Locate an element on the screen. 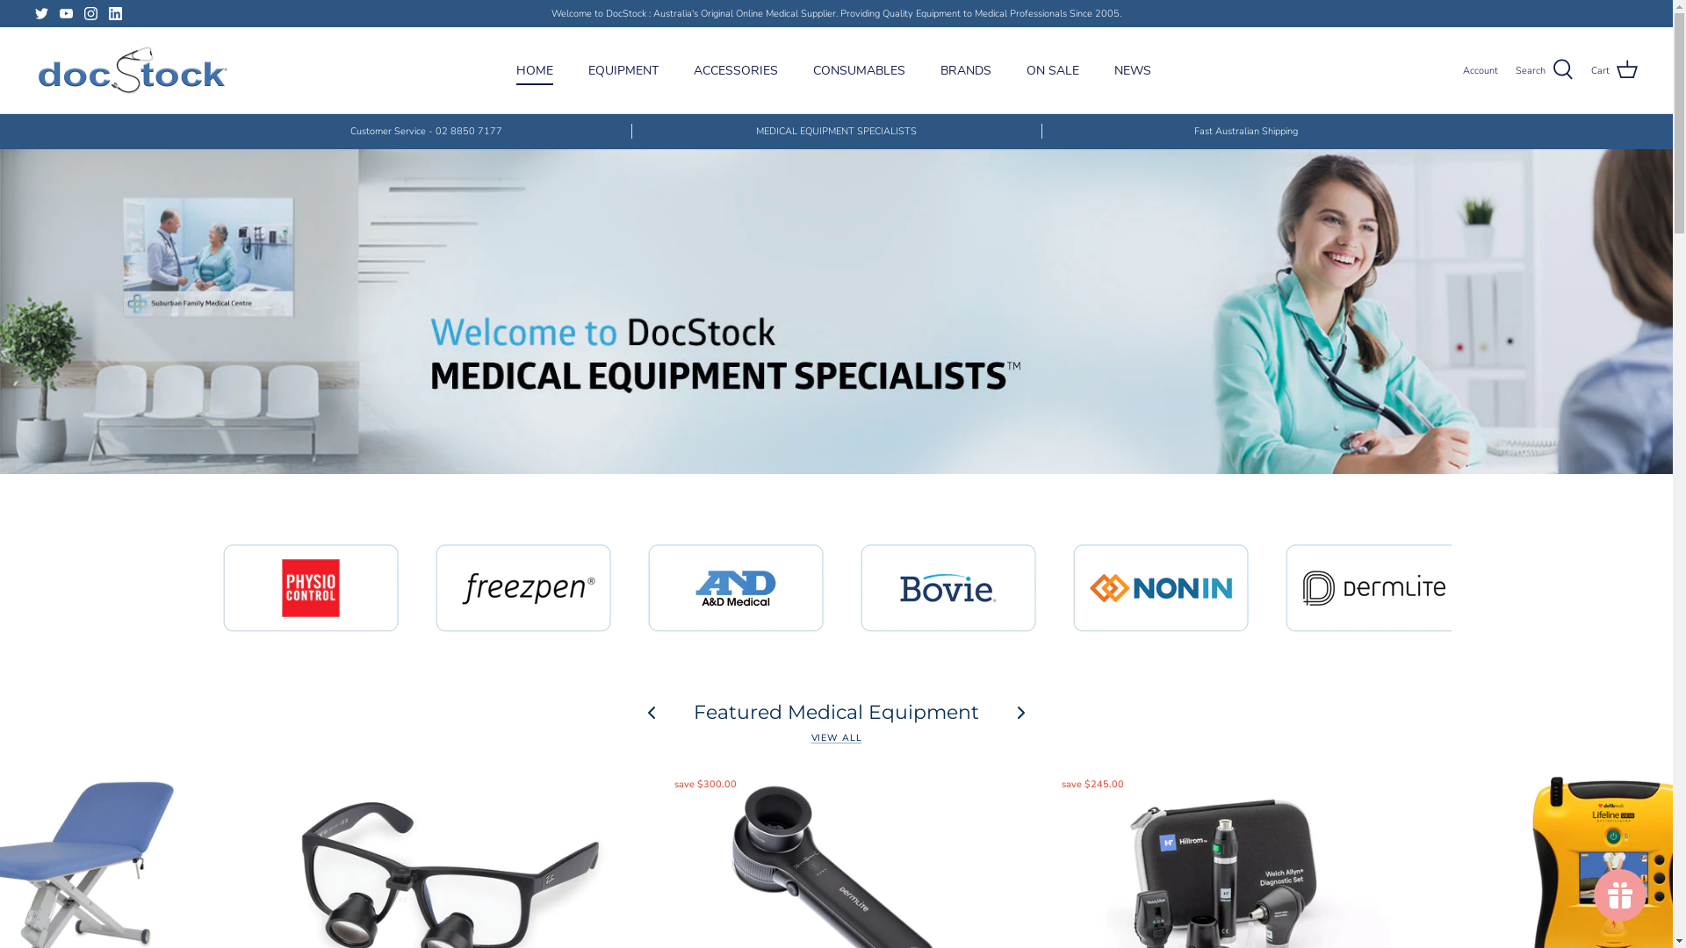  'ACCESSORIES' is located at coordinates (677, 69).